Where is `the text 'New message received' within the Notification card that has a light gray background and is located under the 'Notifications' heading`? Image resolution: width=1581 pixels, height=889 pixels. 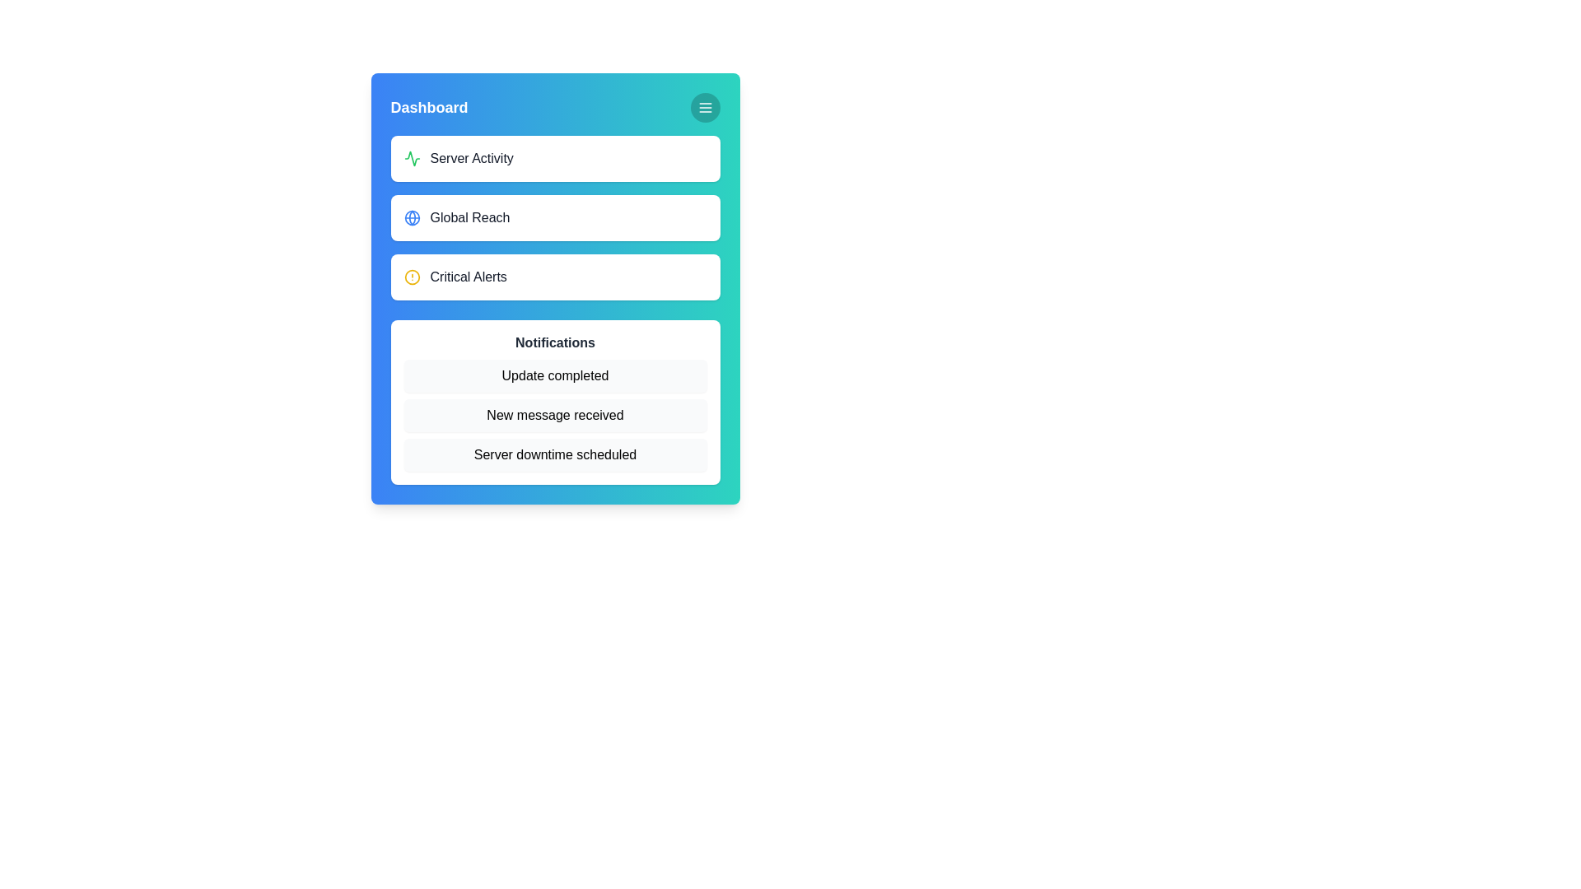
the text 'New message received' within the Notification card that has a light gray background and is located under the 'Notifications' heading is located at coordinates (555, 415).